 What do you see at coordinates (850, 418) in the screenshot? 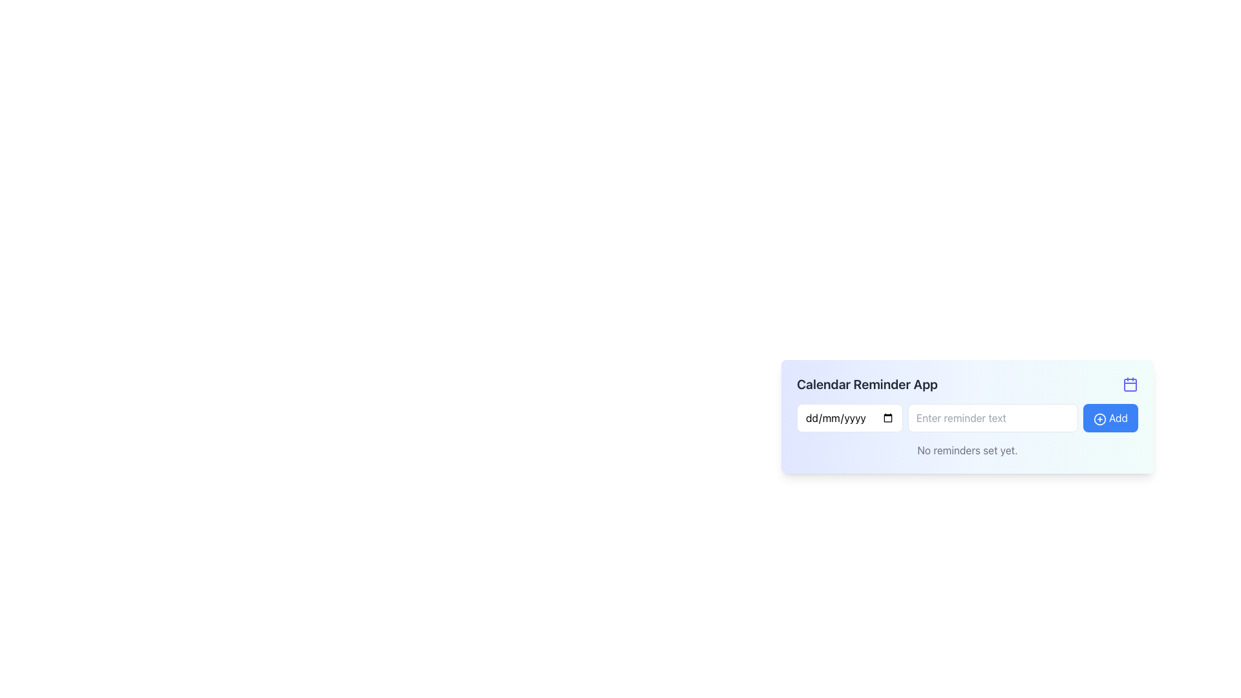
I see `the date input field which has a placeholder text 'dd/mm/yyyy'` at bounding box center [850, 418].